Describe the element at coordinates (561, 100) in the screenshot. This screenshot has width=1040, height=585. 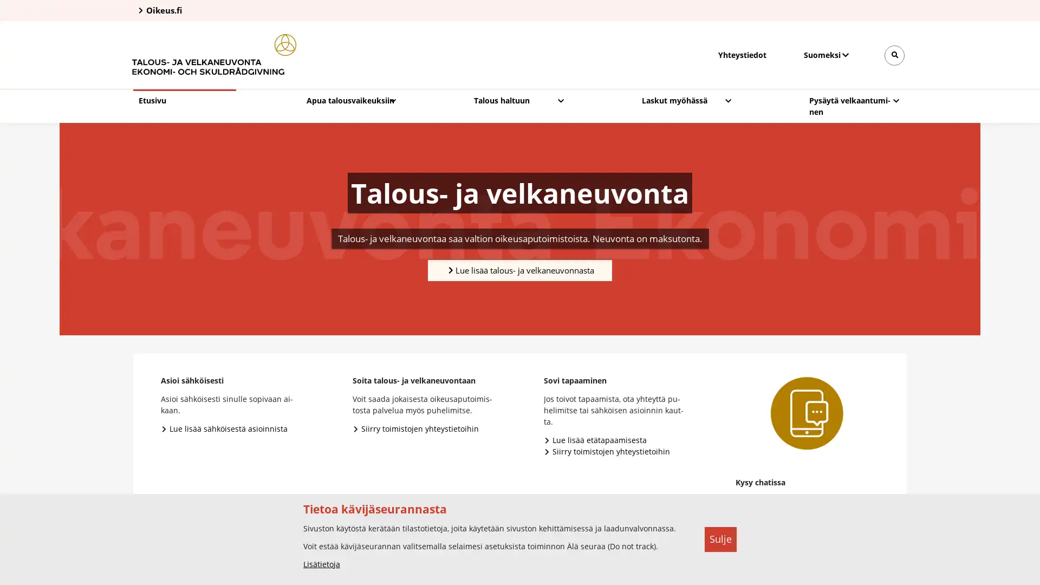
I see `Avaa pudotusvalikko` at that location.